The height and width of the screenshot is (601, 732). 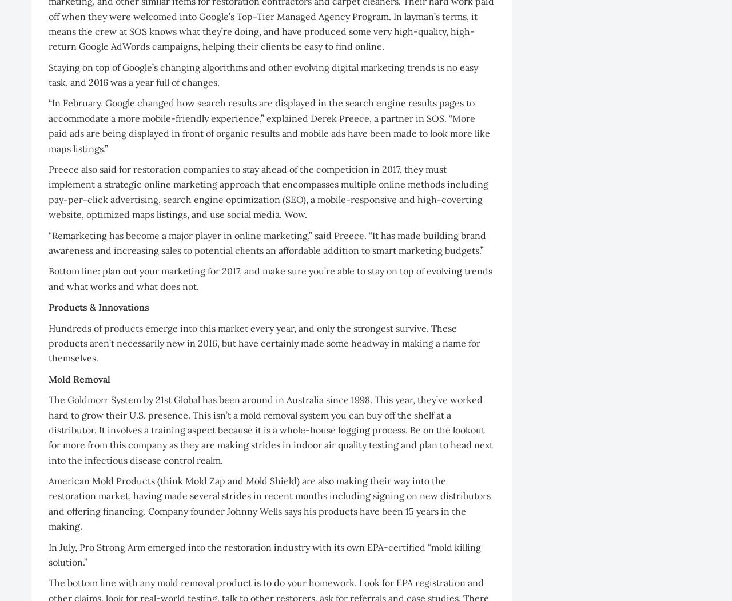 I want to click on 'Products & Innovations', so click(x=99, y=306).